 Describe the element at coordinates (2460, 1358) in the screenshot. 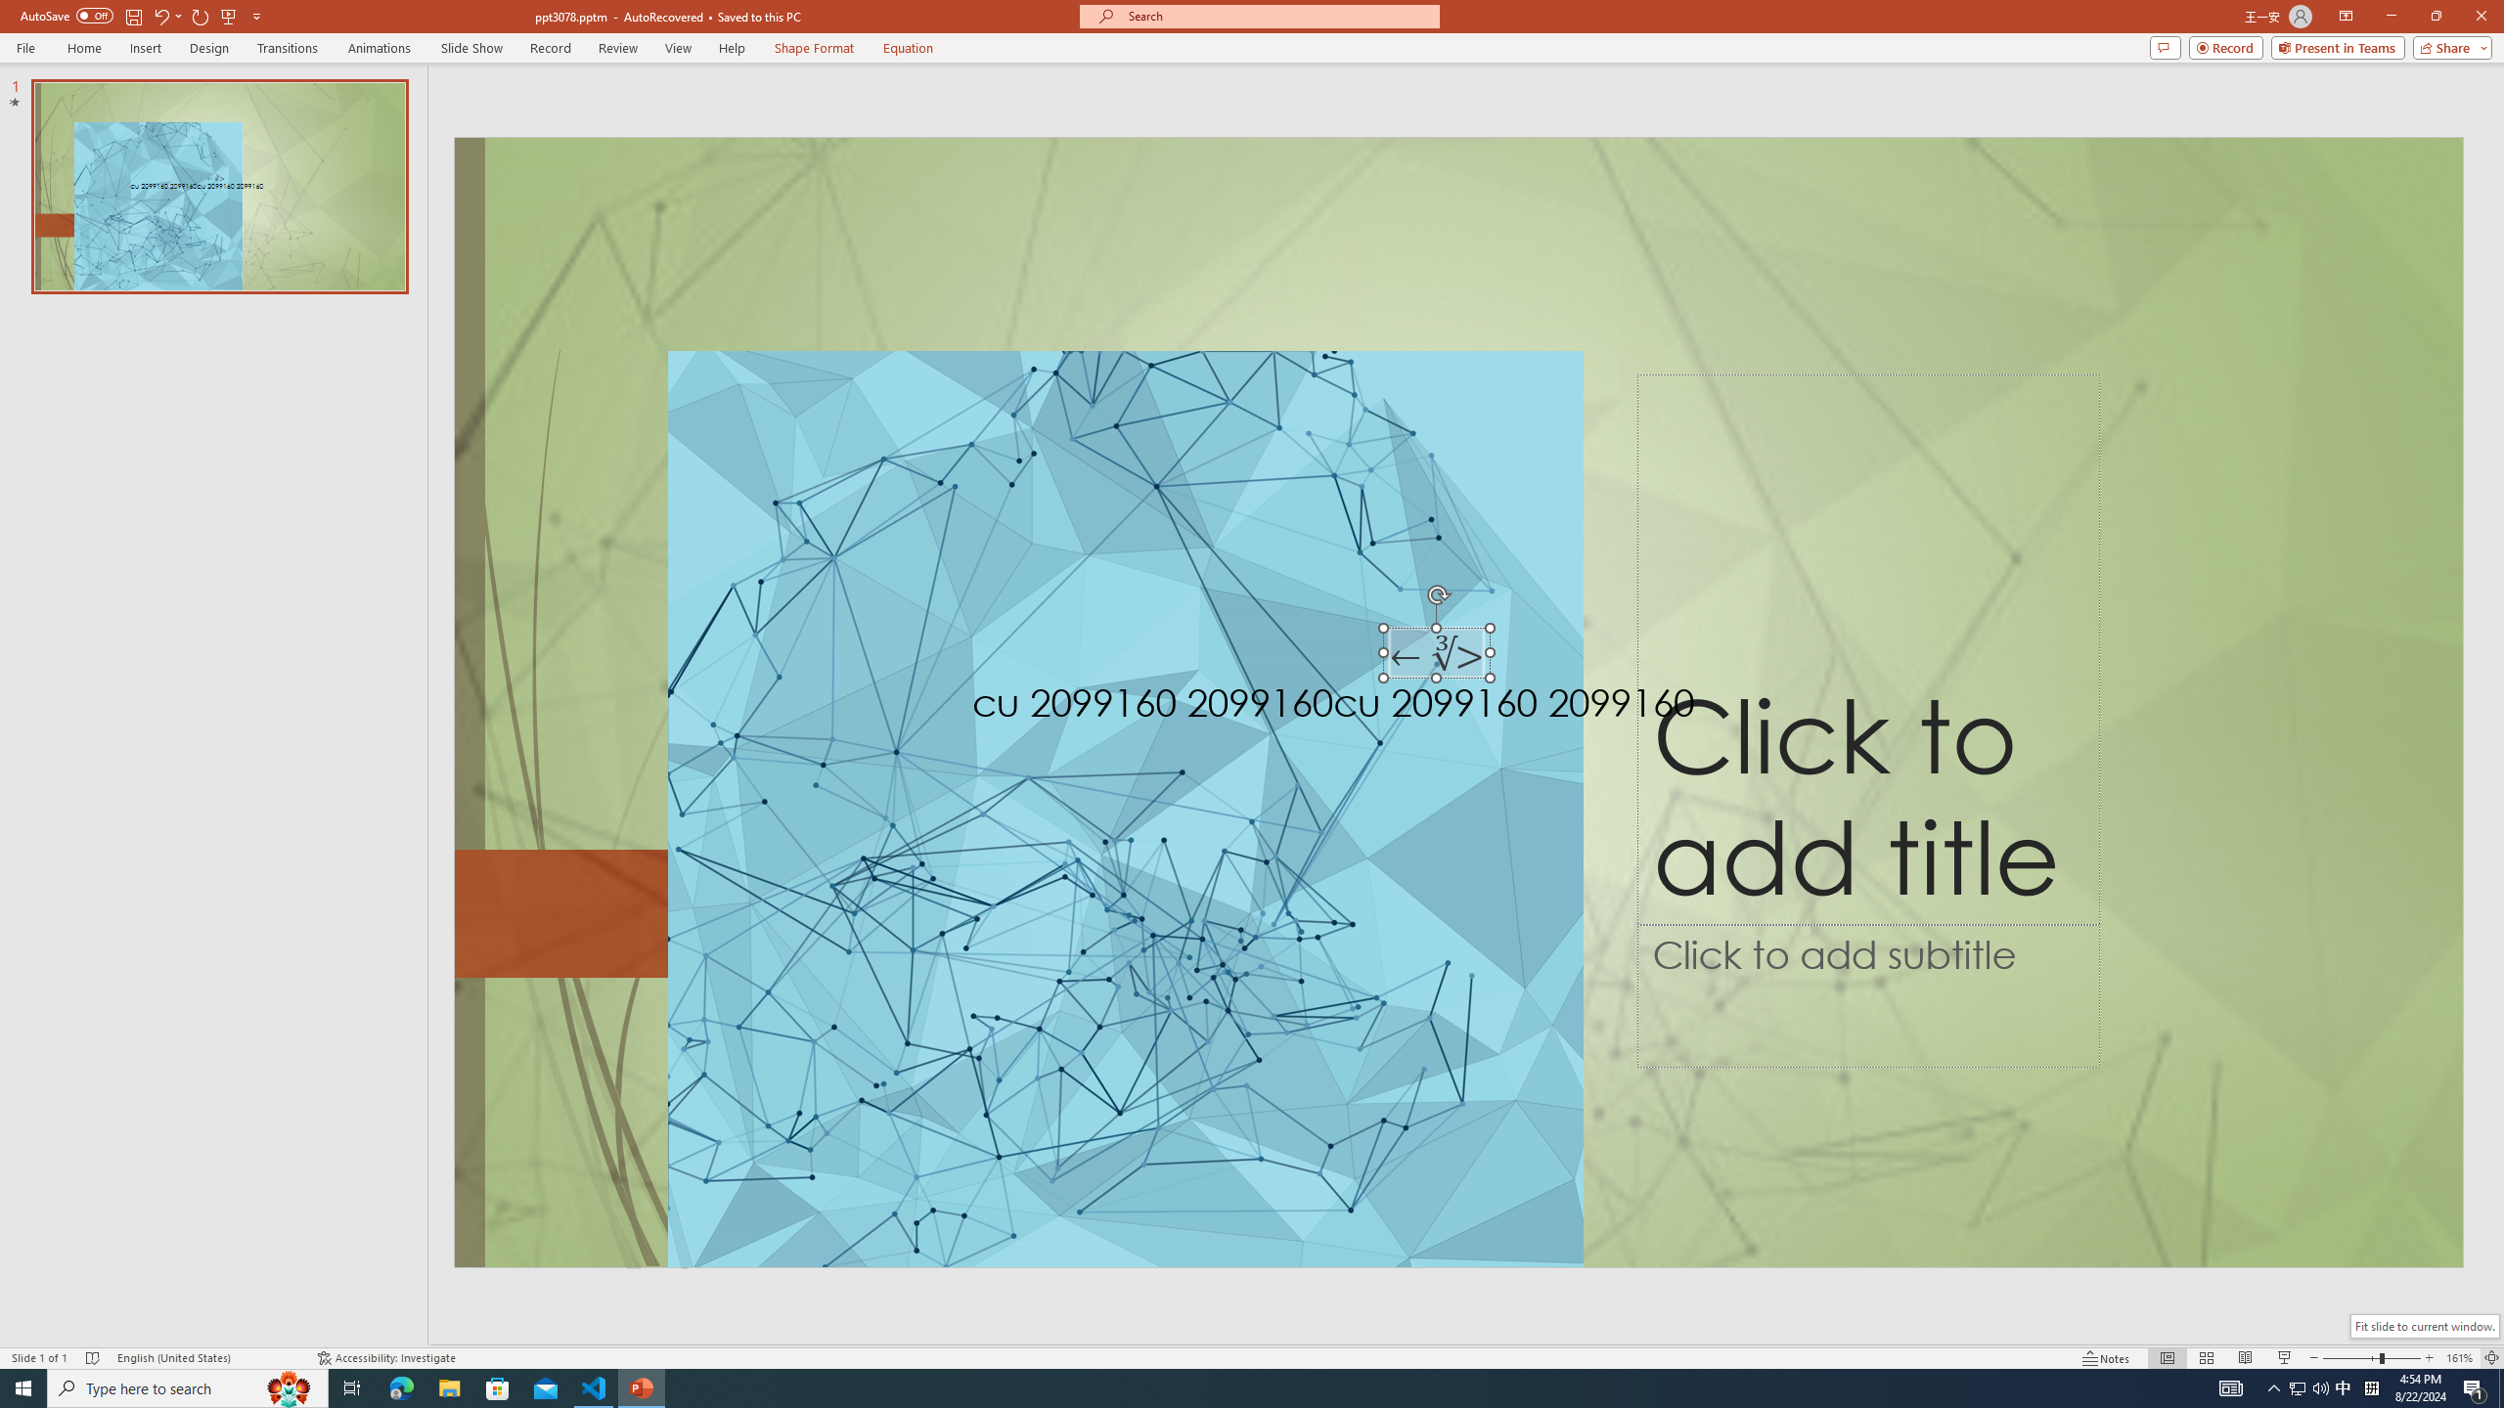

I see `'Zoom 161%'` at that location.